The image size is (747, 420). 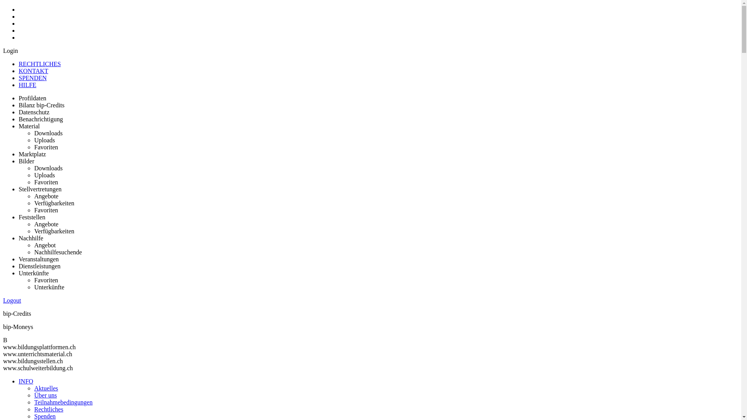 What do you see at coordinates (46, 224) in the screenshot?
I see `'Angebote'` at bounding box center [46, 224].